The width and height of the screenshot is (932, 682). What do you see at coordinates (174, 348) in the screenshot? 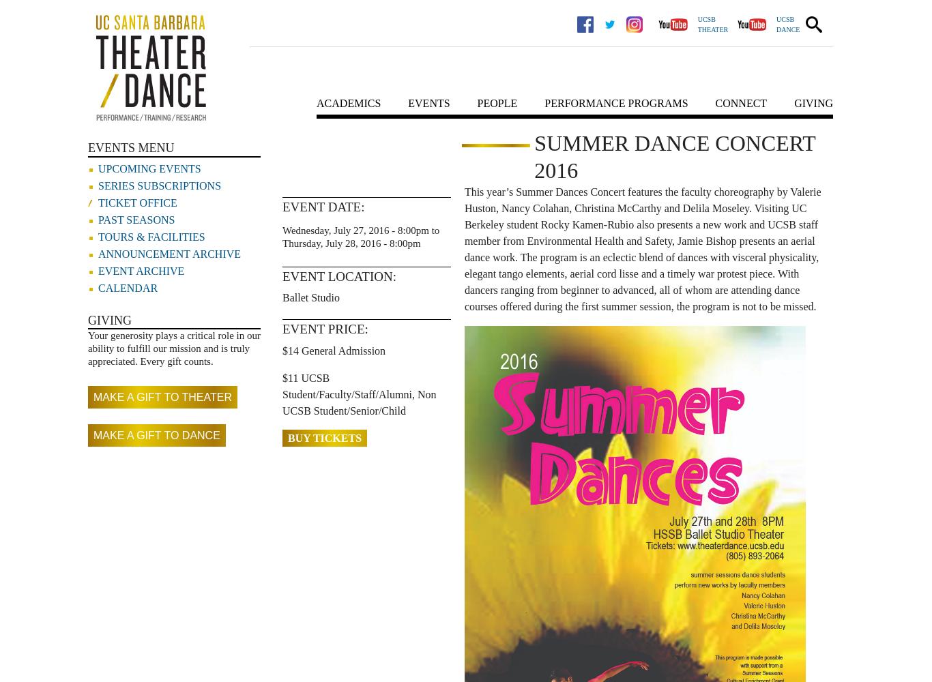
I see `'Your generosity plays a critical role in our ability to fulfill our mission and is truly appreciated. Every gift counts.'` at bounding box center [174, 348].